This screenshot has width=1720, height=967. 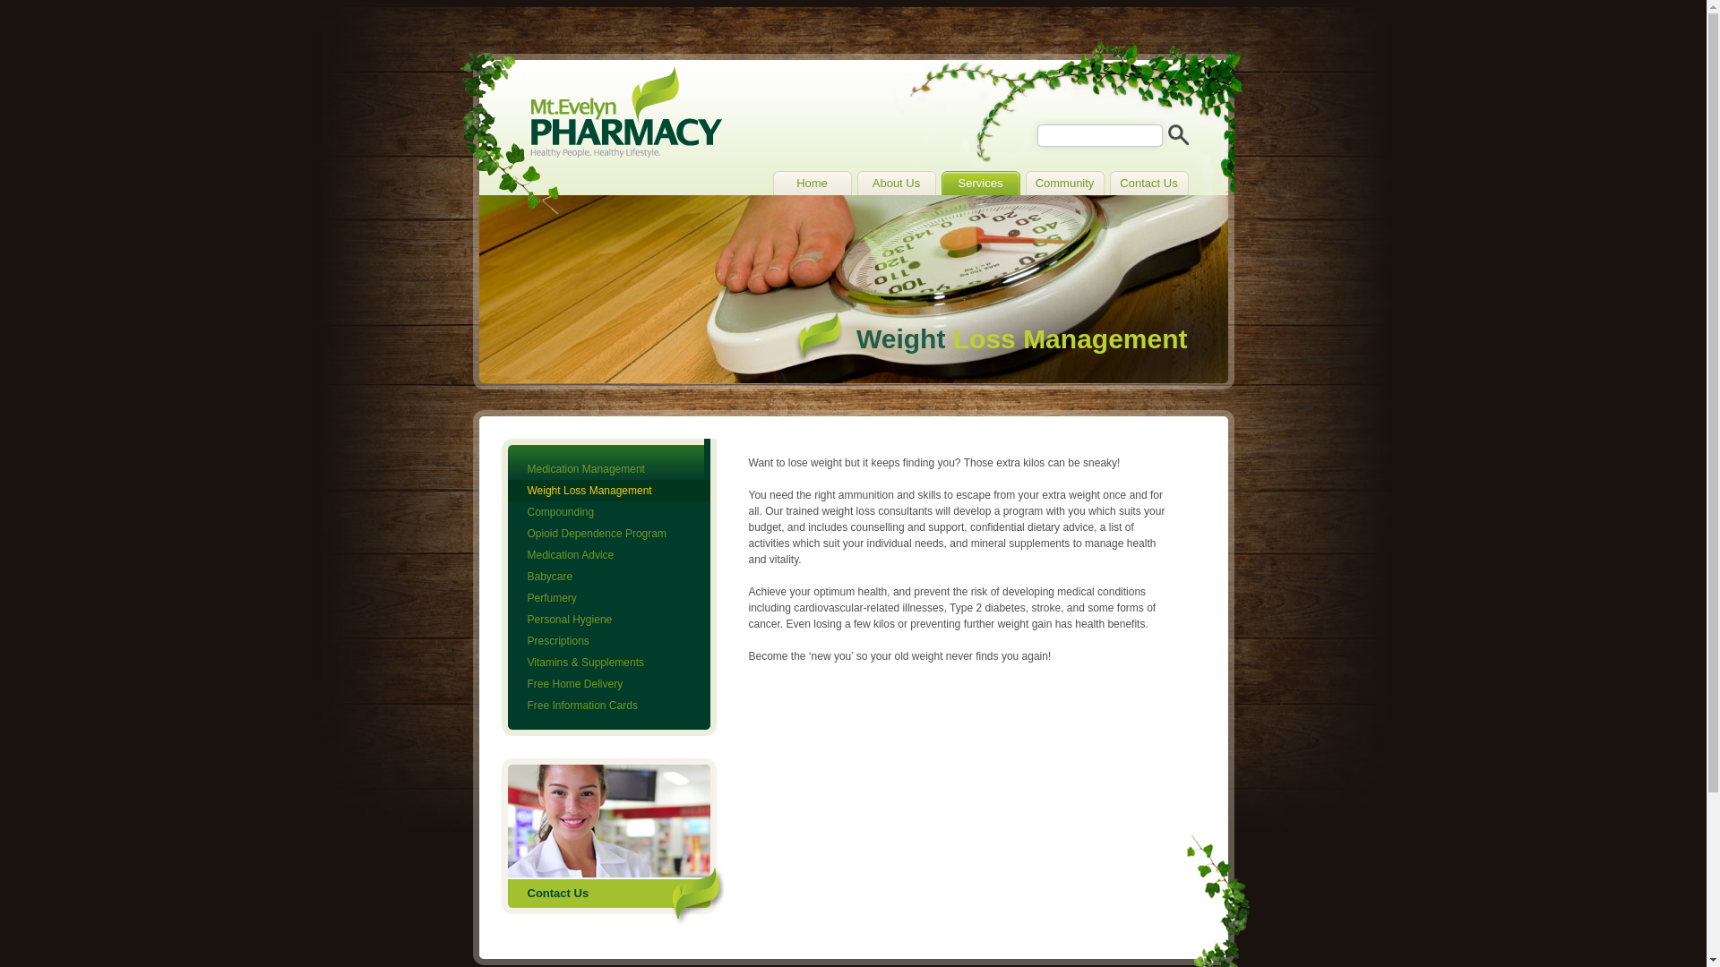 I want to click on 'Vitamins & Supplements', so click(x=607, y=663).